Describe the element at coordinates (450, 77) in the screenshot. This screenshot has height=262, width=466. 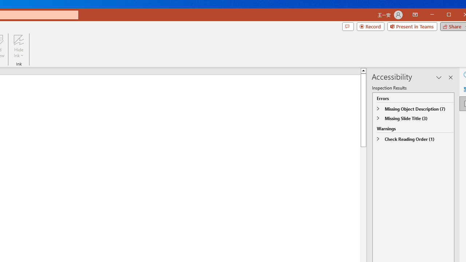
I see `'Close pane'` at that location.